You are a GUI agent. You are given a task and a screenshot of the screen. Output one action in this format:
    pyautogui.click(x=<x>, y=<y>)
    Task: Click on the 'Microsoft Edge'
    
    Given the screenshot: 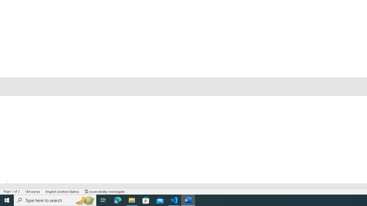 What is the action you would take?
    pyautogui.click(x=118, y=200)
    